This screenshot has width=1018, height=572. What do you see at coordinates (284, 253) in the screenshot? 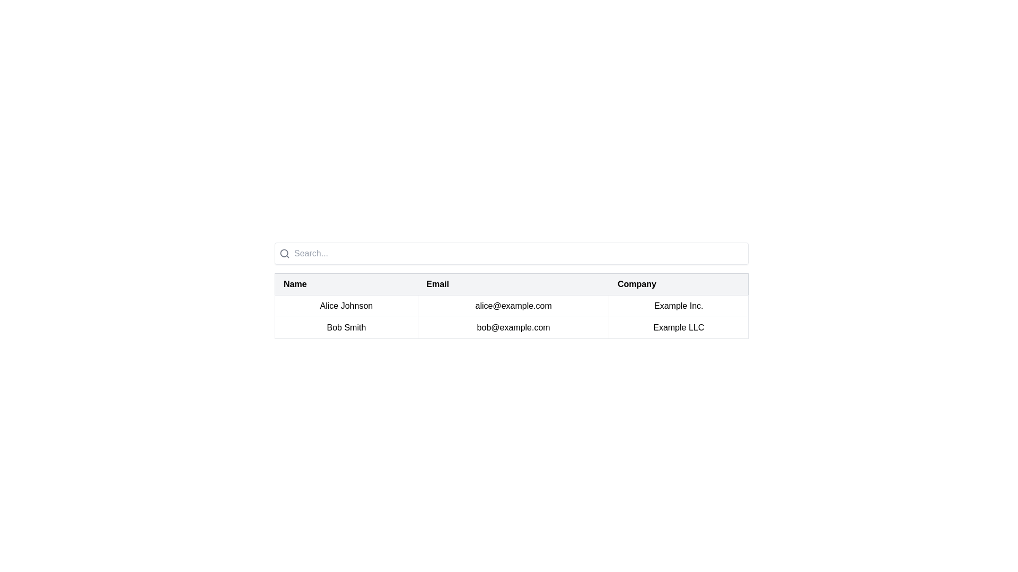
I see `the search icon circle element, which is part of the SVG representing the search functionality, located to the left of the search input field in the header section` at bounding box center [284, 253].